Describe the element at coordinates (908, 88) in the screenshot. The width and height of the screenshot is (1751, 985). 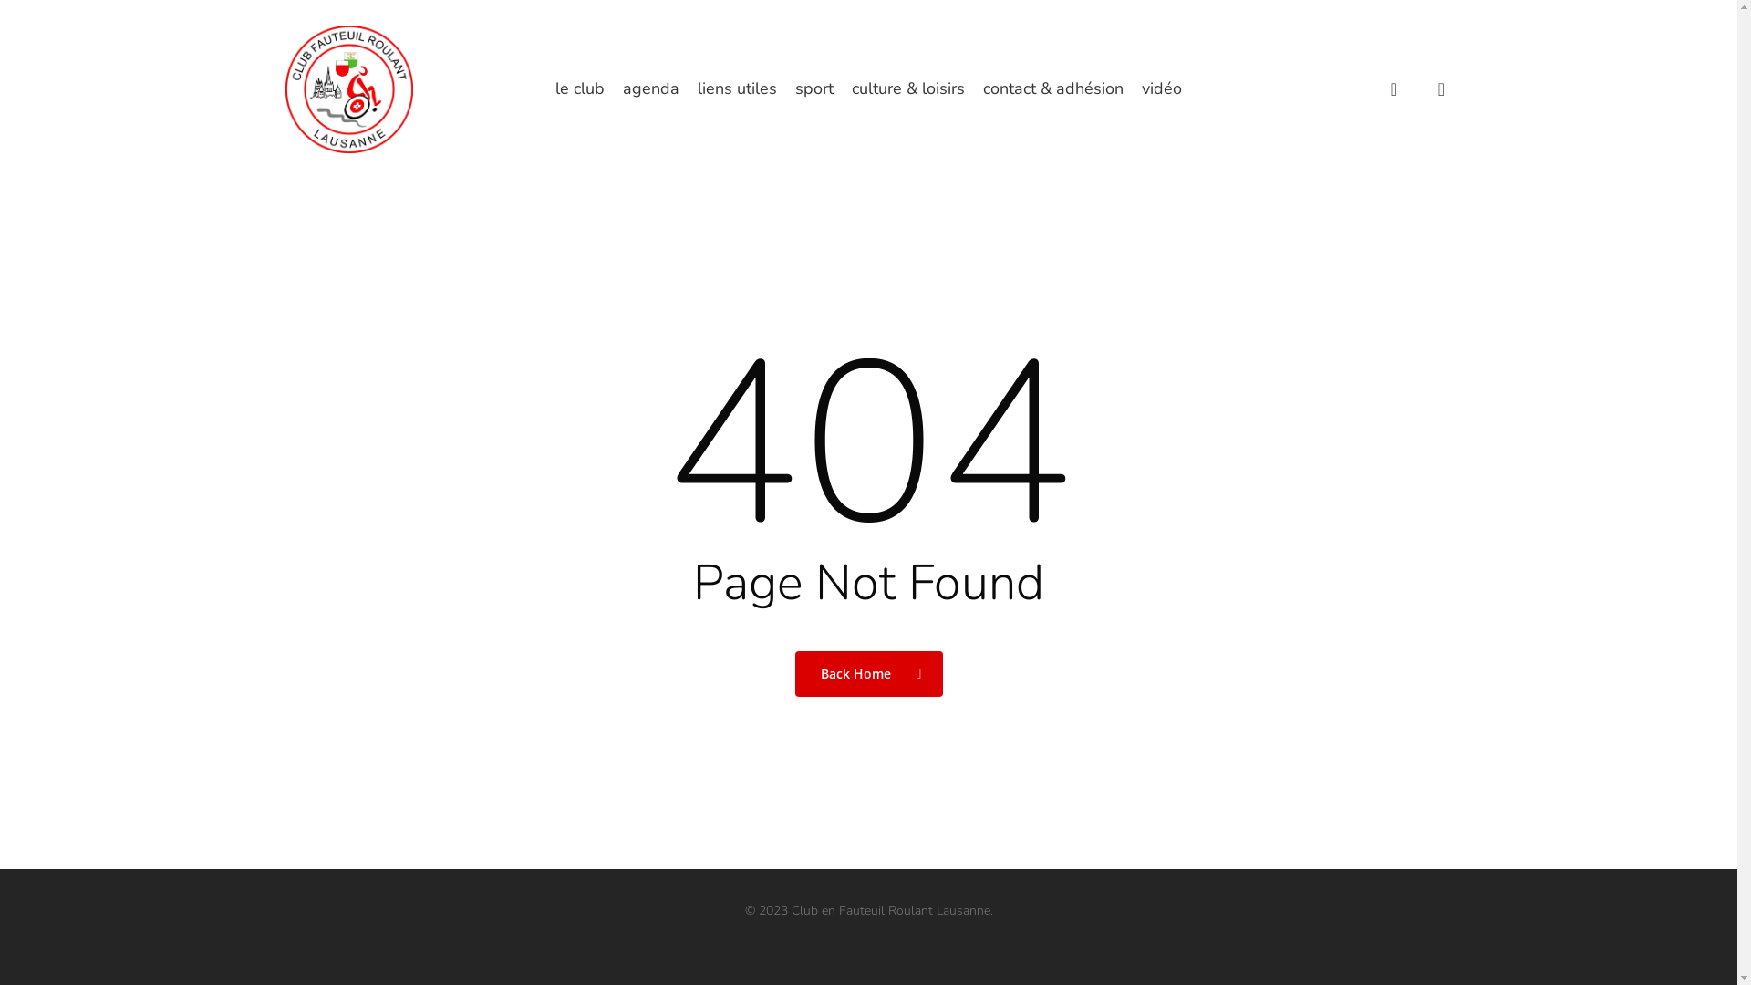
I see `'culture & loisirs'` at that location.